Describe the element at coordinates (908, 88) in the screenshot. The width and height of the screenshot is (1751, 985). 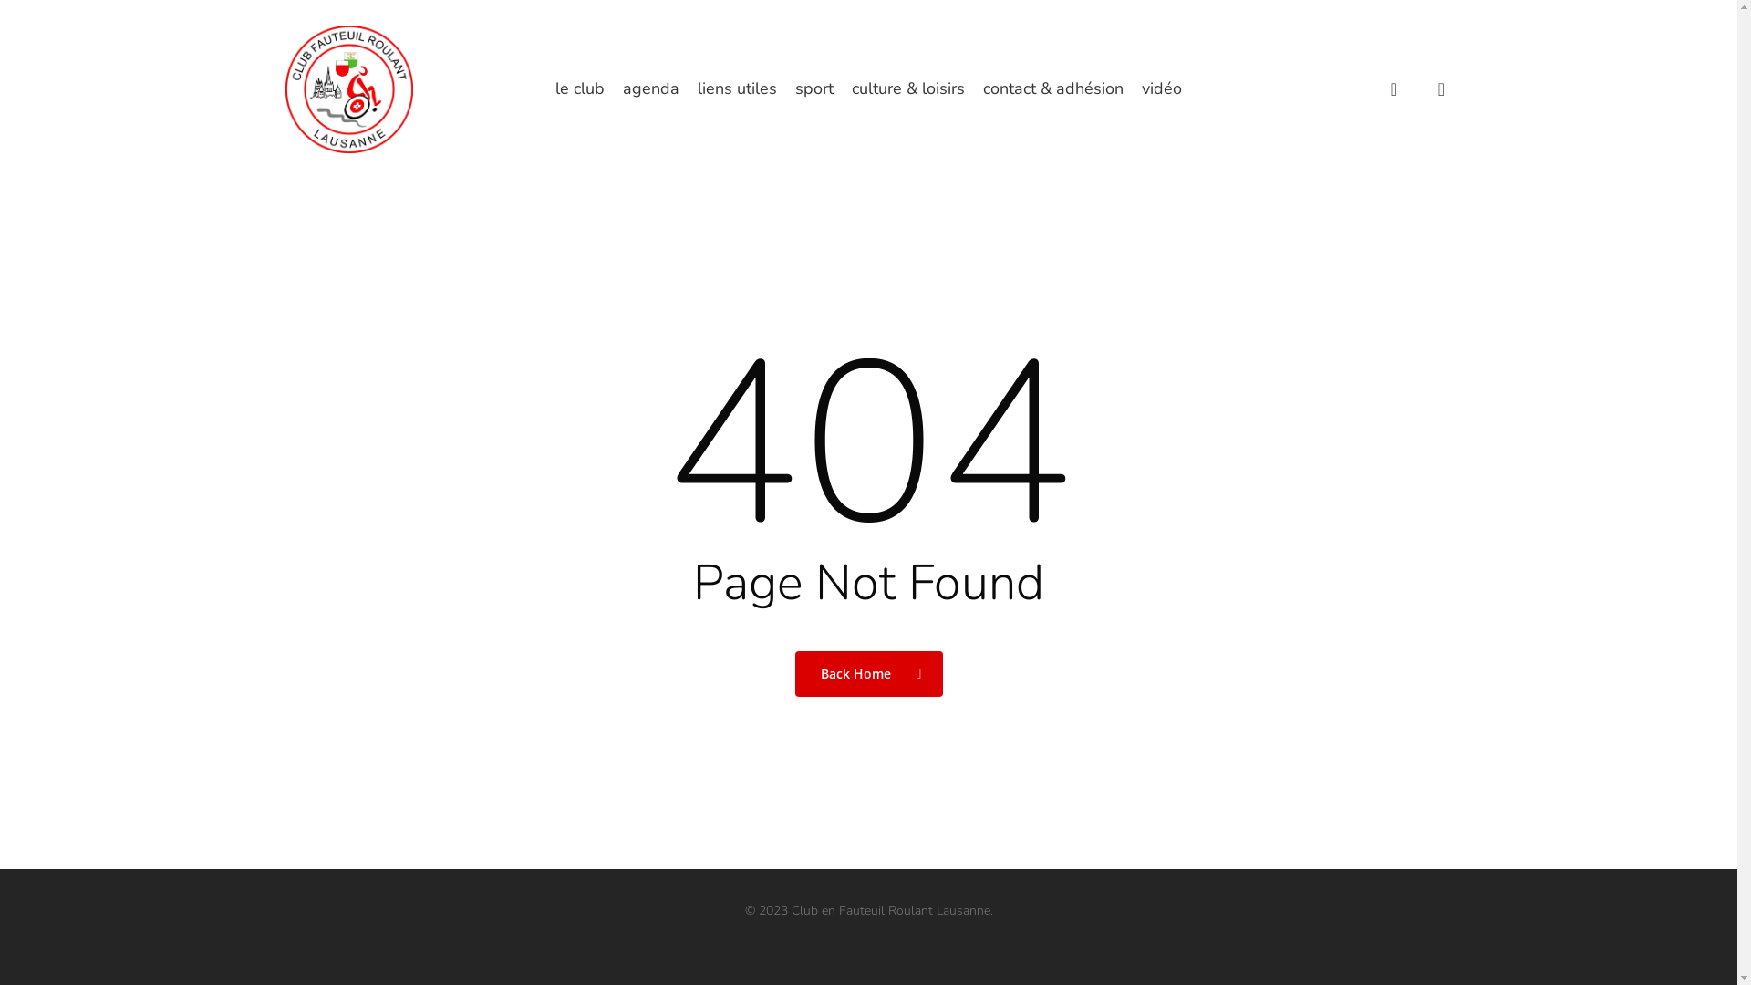
I see `'culture & loisirs'` at that location.